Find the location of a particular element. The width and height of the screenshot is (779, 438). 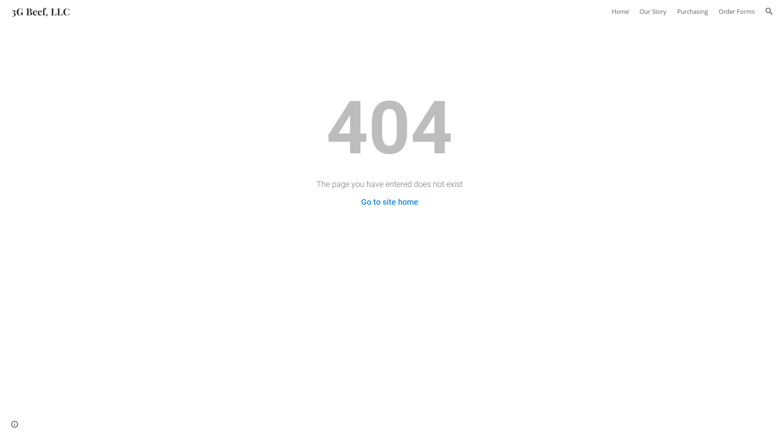

'Go to site home' is located at coordinates (389, 201).